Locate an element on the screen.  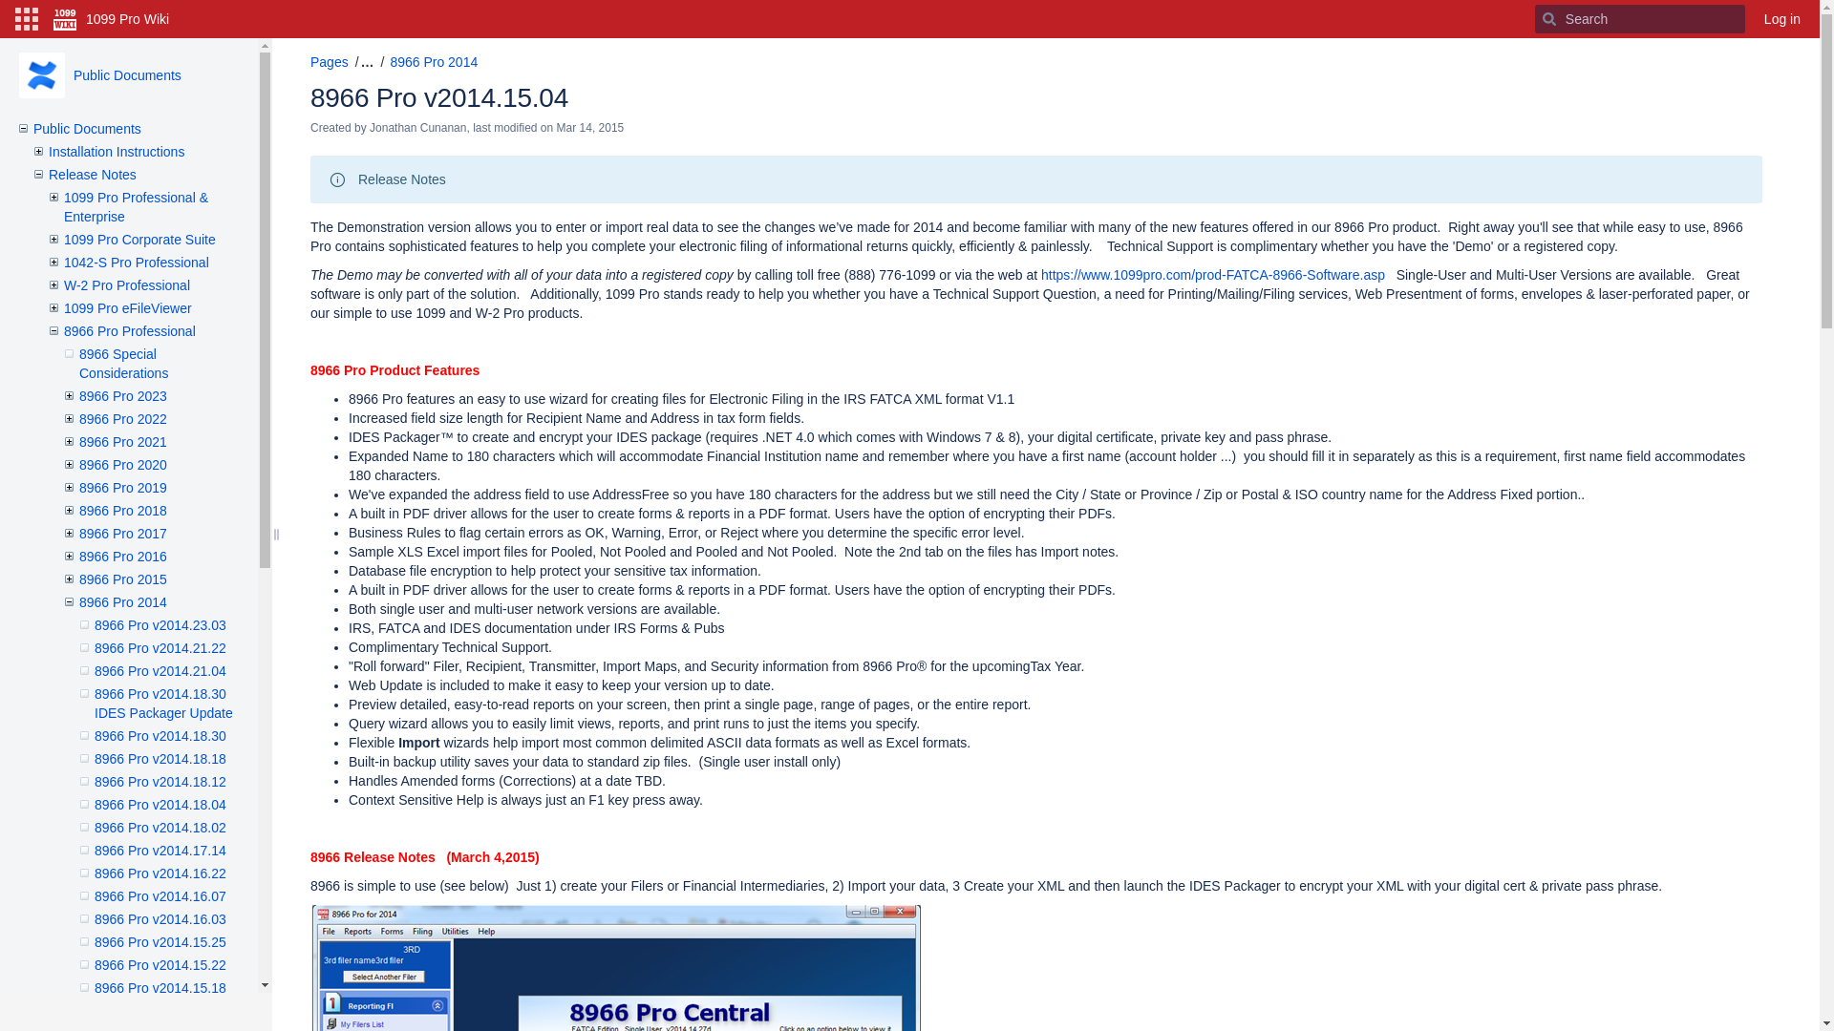
'8966 Pro Professional' is located at coordinates (128, 330).